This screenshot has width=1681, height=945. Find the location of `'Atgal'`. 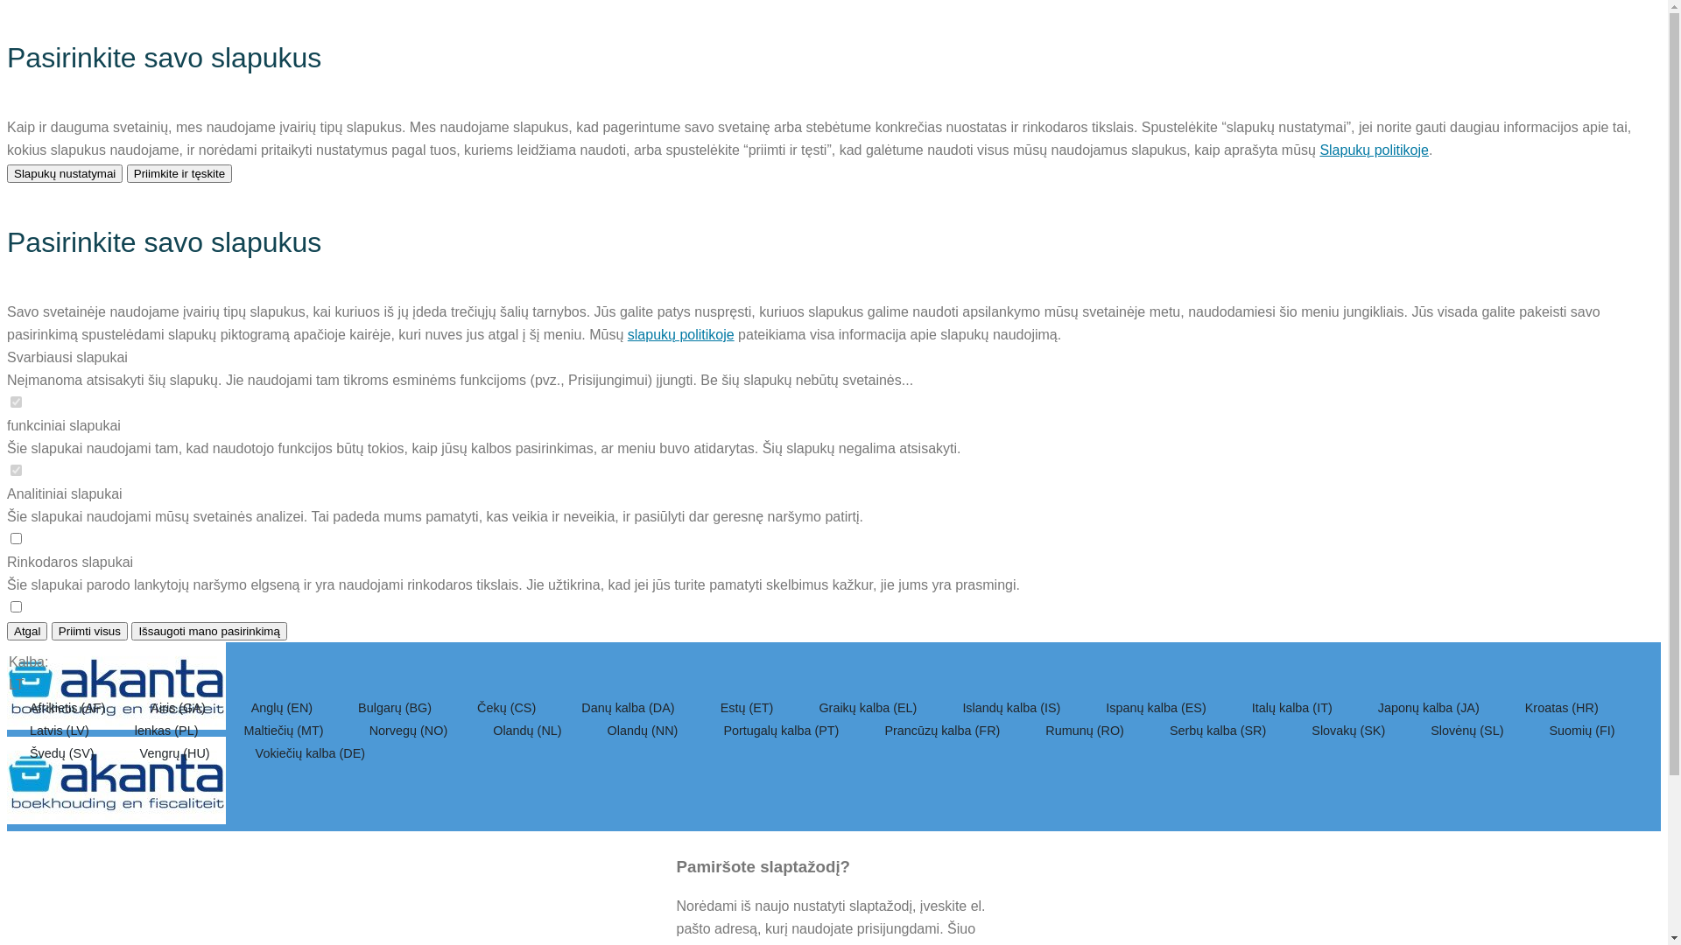

'Atgal' is located at coordinates (26, 631).